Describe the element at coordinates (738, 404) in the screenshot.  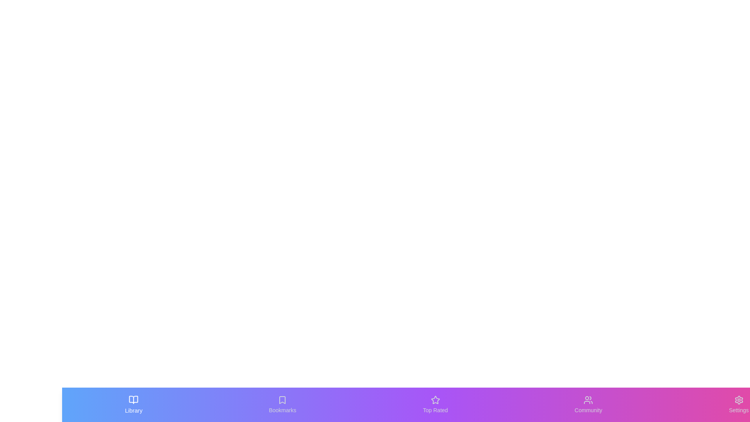
I see `the Settings tab by clicking its button` at that location.